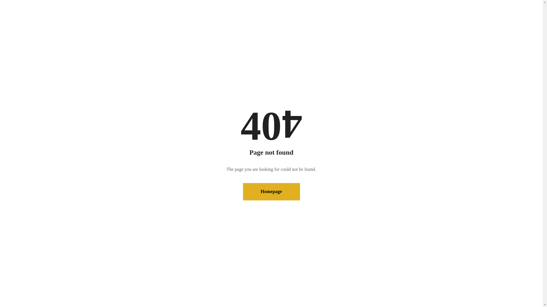 The height and width of the screenshot is (307, 547). I want to click on 'Homepage', so click(271, 192).